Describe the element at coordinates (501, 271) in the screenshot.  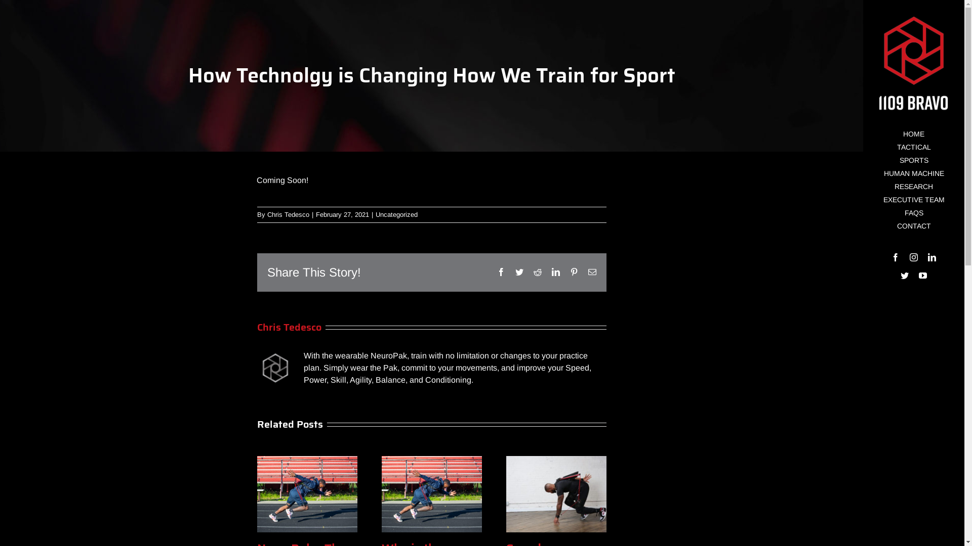
I see `'Facebook'` at that location.